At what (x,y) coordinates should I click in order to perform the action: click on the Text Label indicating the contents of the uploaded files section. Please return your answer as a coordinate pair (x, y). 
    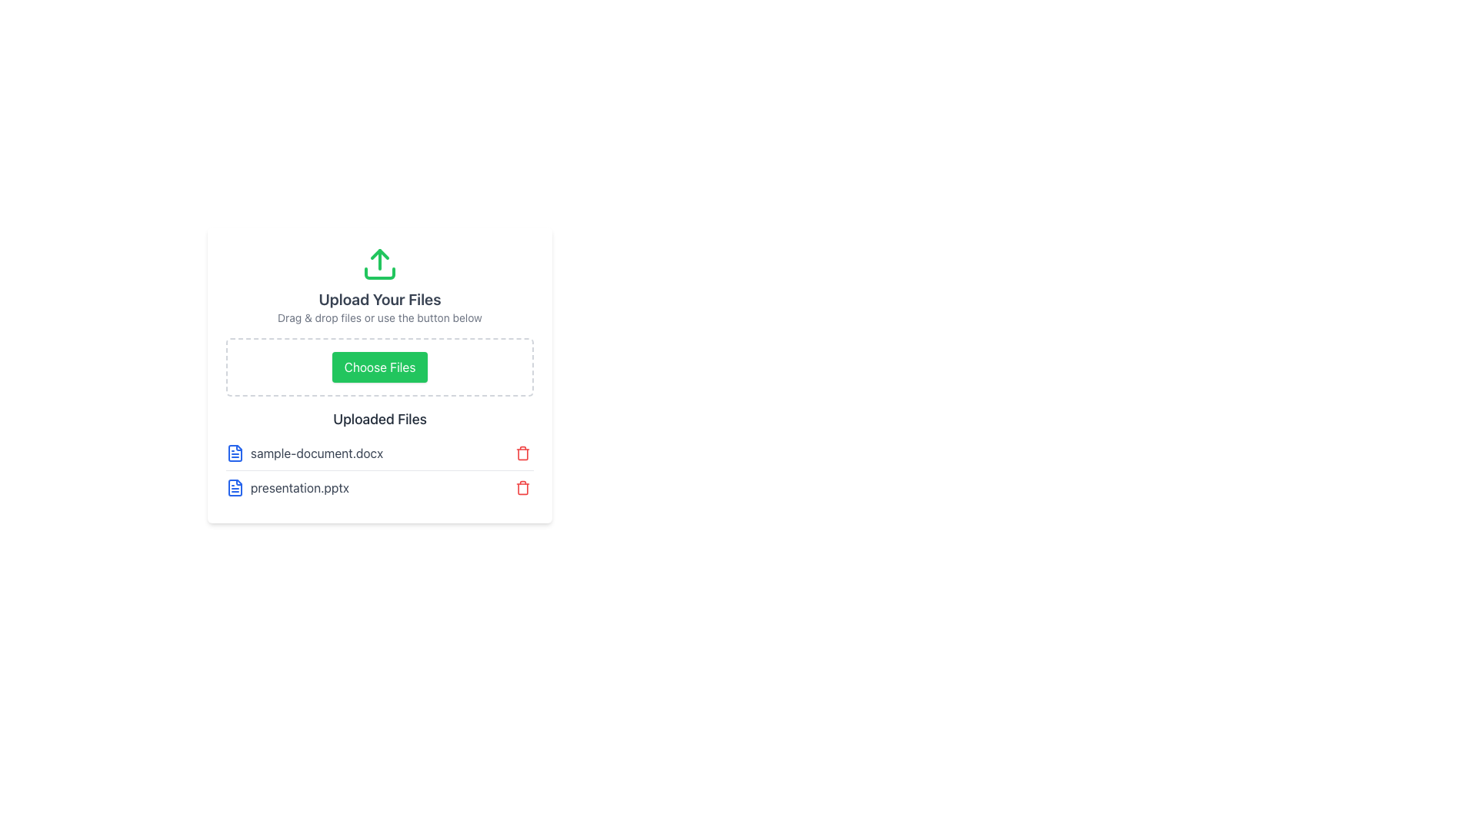
    Looking at the image, I should click on (380, 420).